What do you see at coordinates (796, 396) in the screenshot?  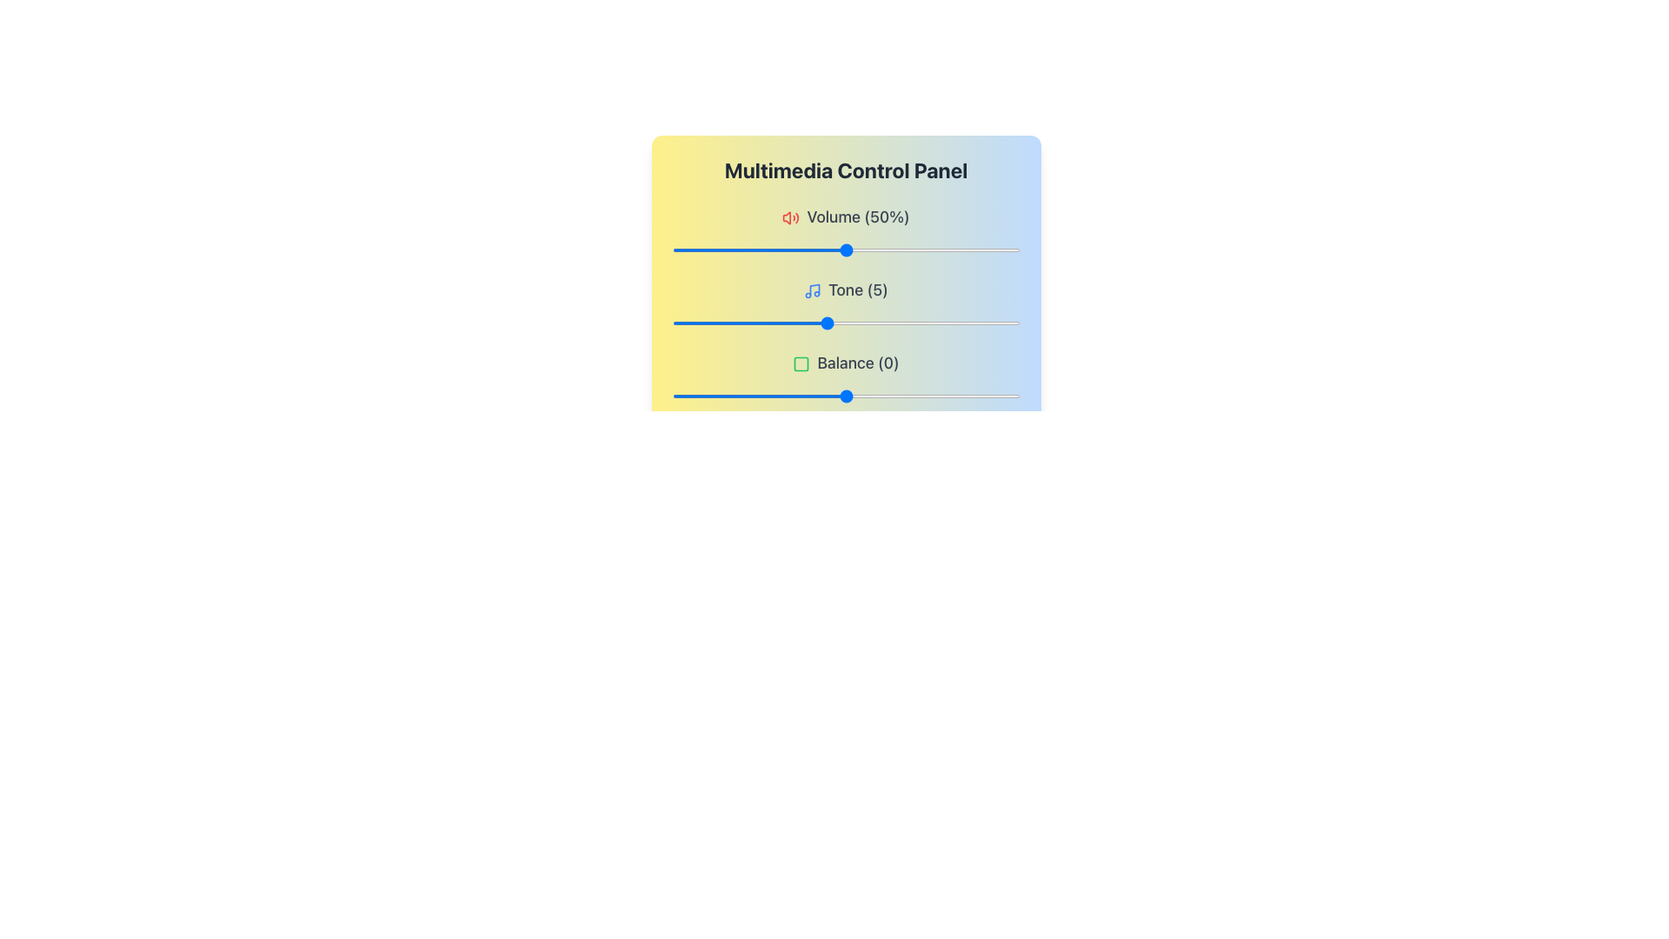 I see `the balance` at bounding box center [796, 396].